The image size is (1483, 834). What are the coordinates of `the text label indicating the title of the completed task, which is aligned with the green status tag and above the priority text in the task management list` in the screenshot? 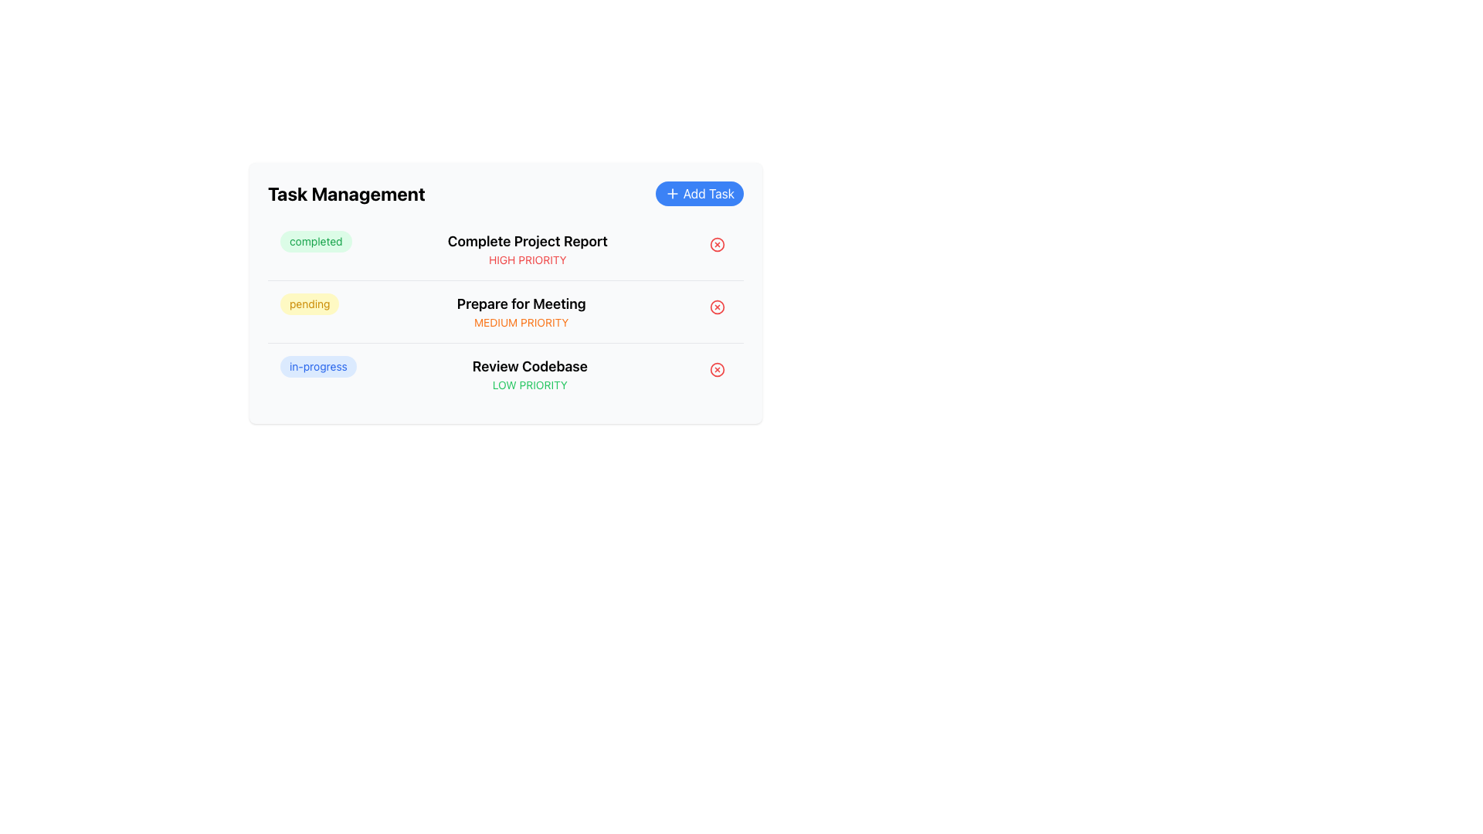 It's located at (528, 241).